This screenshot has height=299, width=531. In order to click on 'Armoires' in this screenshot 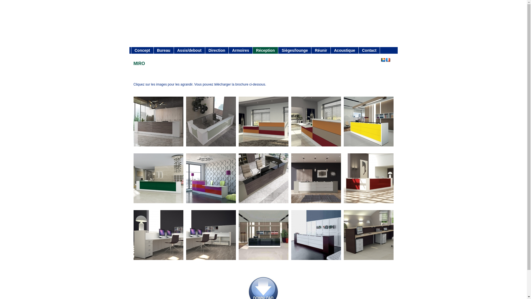, I will do `click(228, 50)`.